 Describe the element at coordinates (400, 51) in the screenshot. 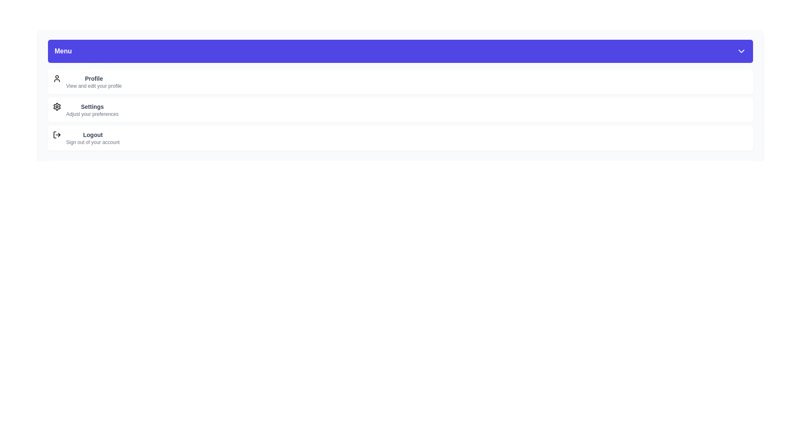

I see `the menu header to toggle its visibility` at that location.